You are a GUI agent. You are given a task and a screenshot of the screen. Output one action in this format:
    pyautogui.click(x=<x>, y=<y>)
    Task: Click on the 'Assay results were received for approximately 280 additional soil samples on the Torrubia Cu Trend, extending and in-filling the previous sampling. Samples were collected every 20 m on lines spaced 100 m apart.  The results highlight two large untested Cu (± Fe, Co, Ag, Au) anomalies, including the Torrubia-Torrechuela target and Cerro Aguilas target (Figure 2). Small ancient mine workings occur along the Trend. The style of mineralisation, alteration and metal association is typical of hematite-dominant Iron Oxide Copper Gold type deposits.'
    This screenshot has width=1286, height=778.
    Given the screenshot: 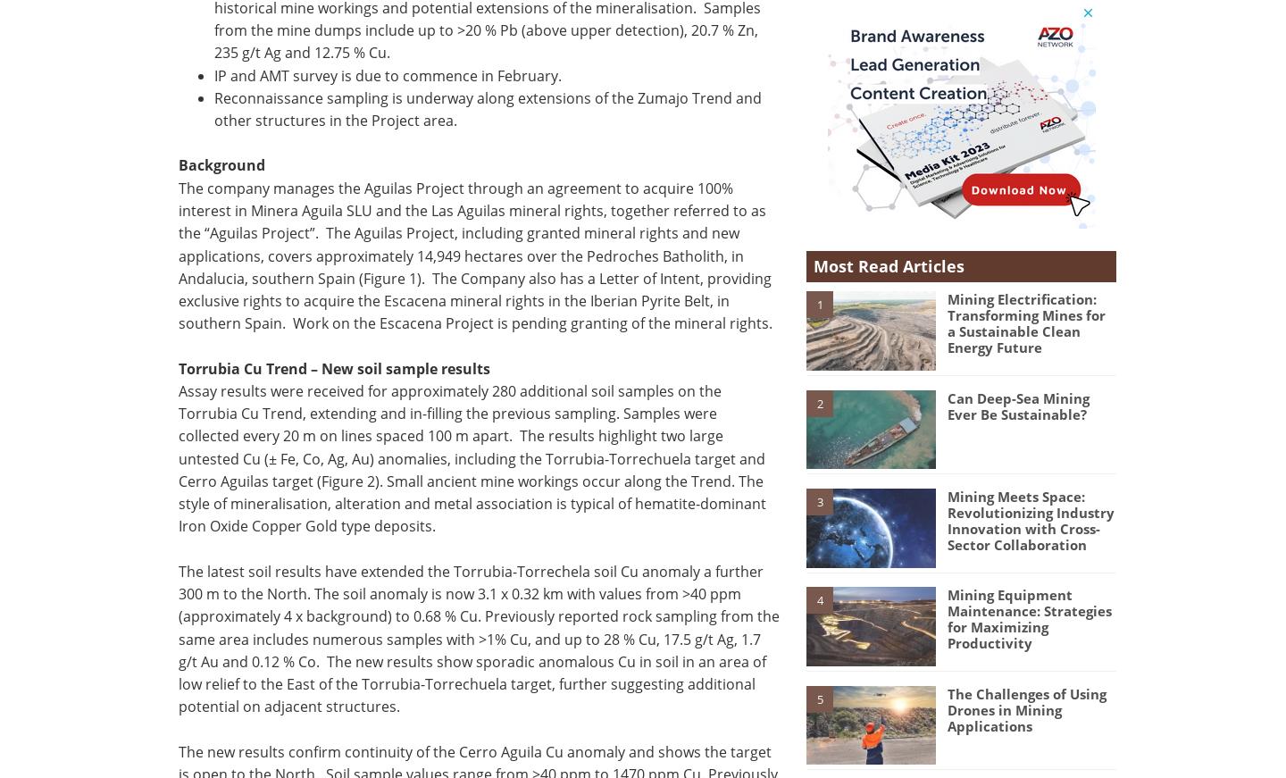 What is the action you would take?
    pyautogui.click(x=472, y=458)
    